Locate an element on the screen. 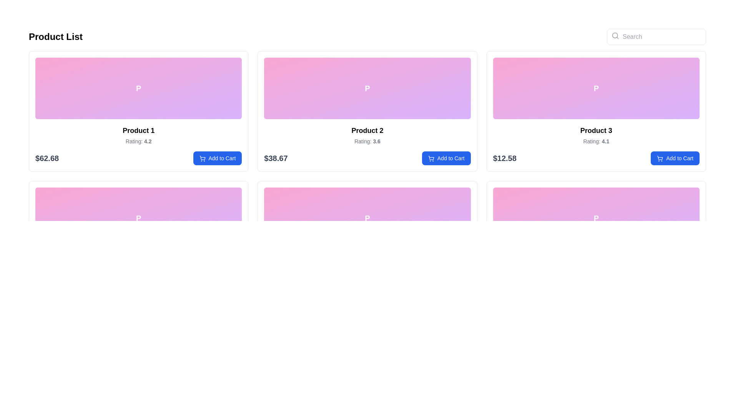 This screenshot has height=415, width=738. the static text displaying 'Rating: 4.2', which is located under the product title 'Product 1' in the first product card of the grid layout is located at coordinates (138, 141).